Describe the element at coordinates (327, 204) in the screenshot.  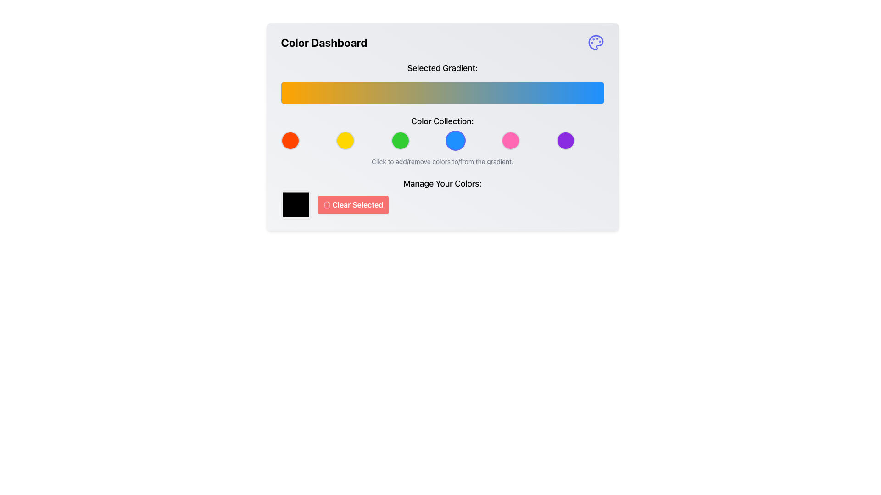
I see `the trash can icon located on the left side of the 'Clear Selected' button in the bottom right section of the main content area` at that location.